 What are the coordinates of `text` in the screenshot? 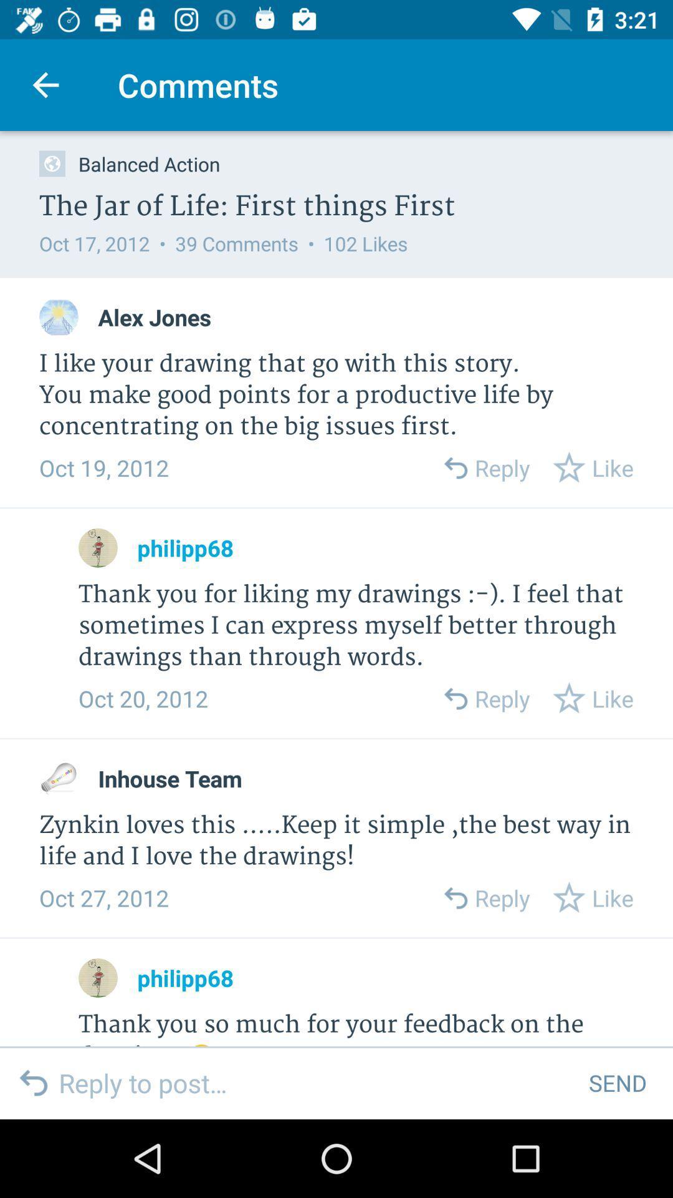 It's located at (313, 1082).